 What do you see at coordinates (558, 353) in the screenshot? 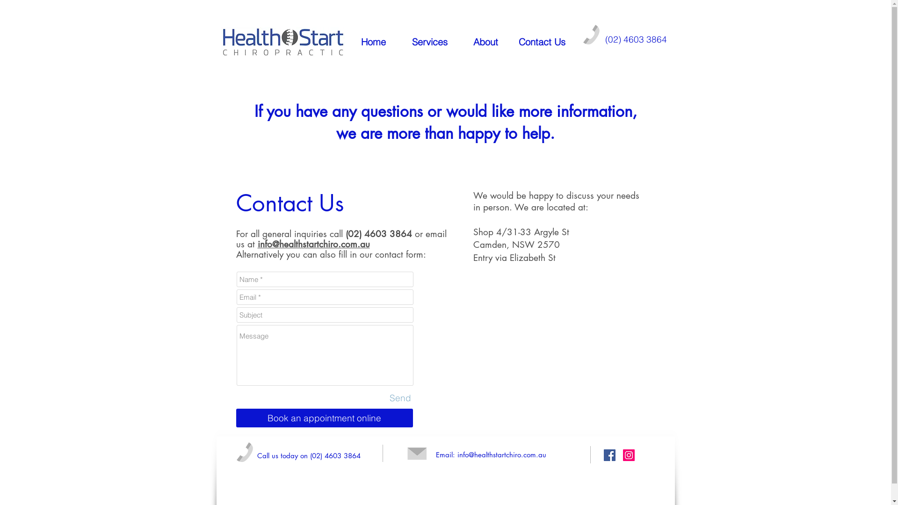
I see `'Google Maps'` at bounding box center [558, 353].